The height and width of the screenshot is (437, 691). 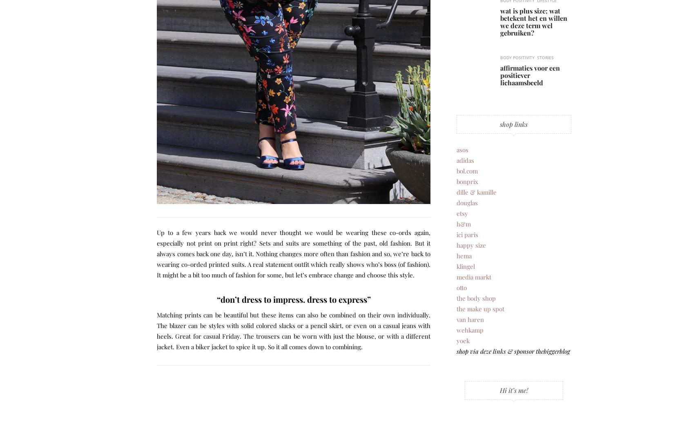 I want to click on 'ici paris', so click(x=466, y=234).